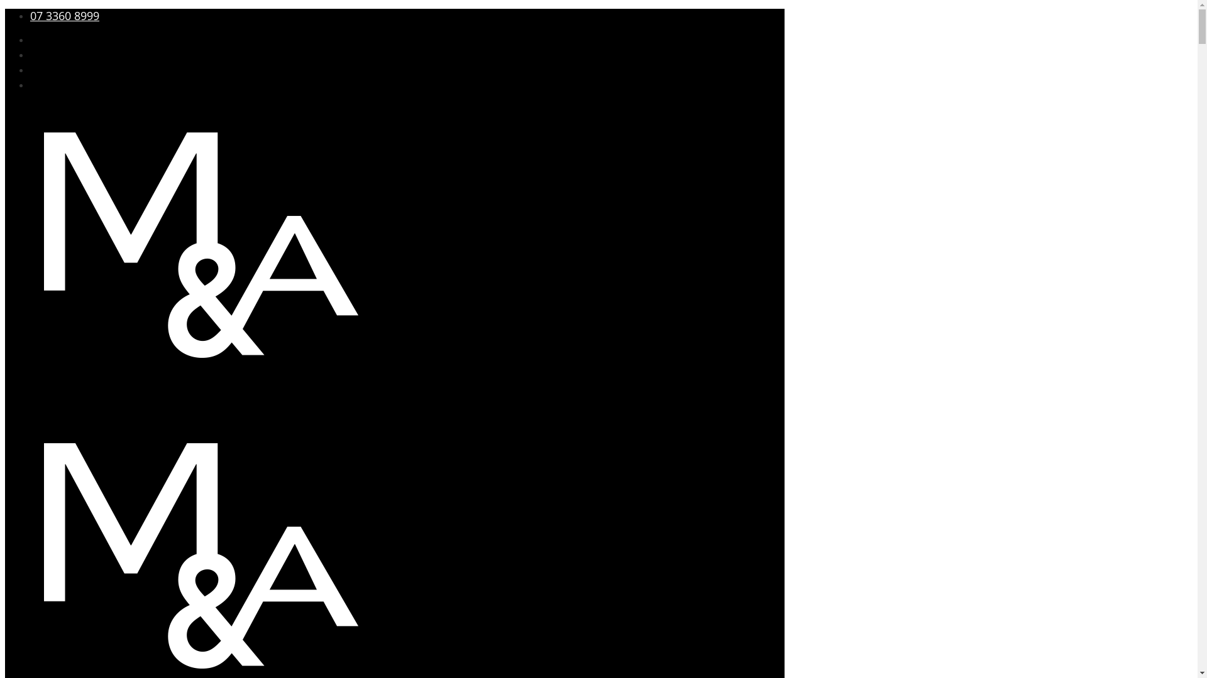 The height and width of the screenshot is (678, 1207). I want to click on '07 3360 8999', so click(63, 15).